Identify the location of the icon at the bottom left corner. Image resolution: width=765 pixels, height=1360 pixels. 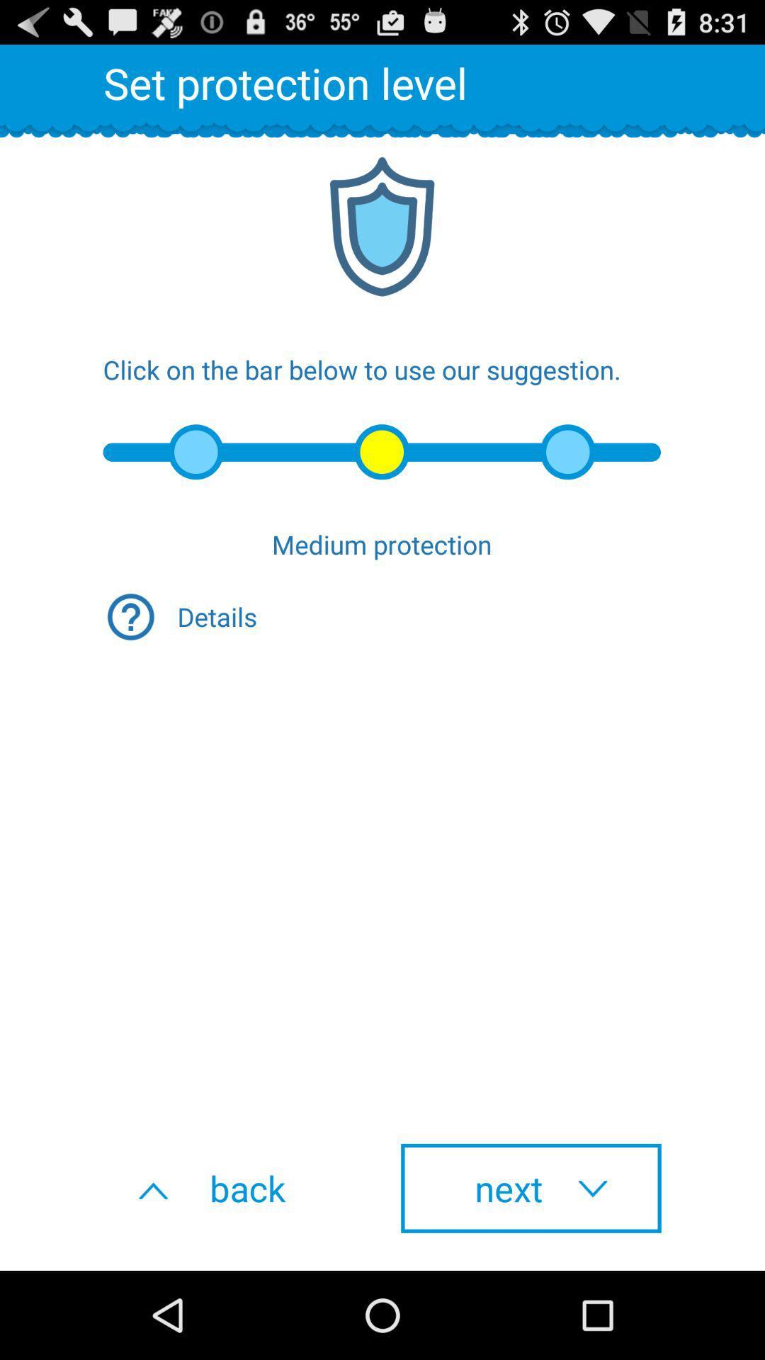
(233, 1188).